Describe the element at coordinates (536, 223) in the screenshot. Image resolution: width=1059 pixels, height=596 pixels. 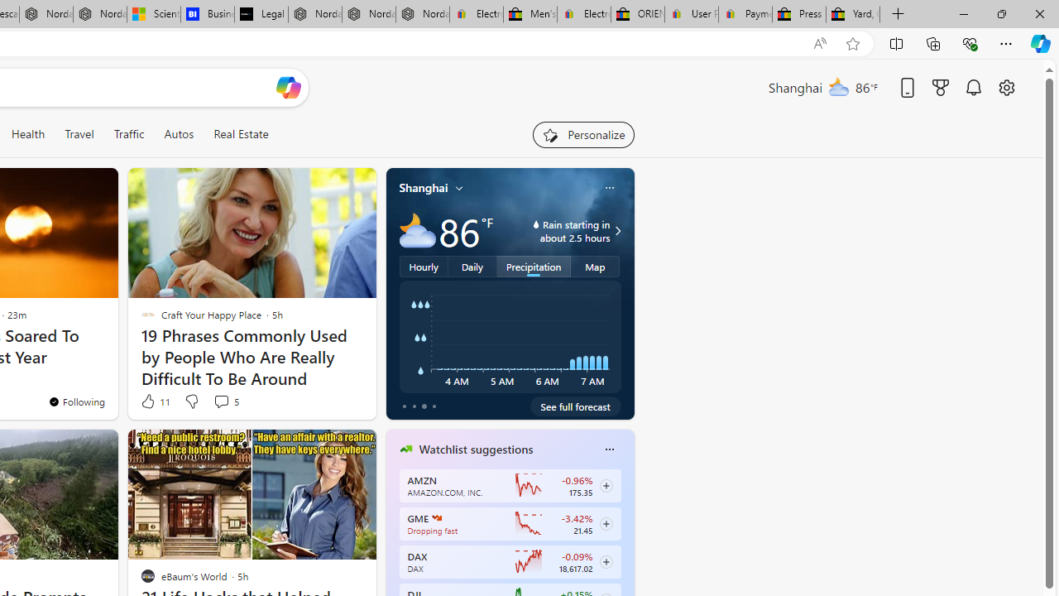
I see `'water-drop-icon'` at that location.